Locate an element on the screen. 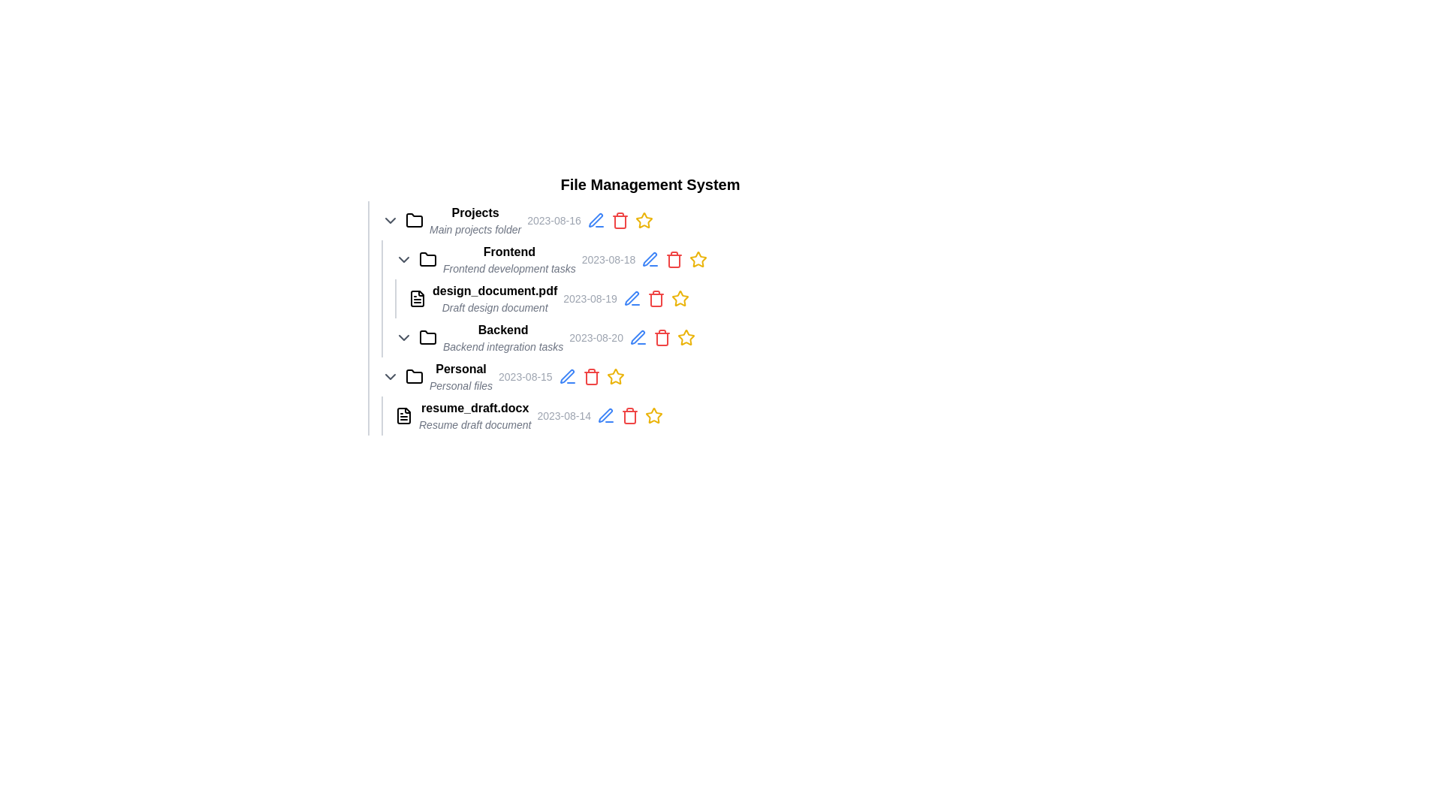 Image resolution: width=1442 pixels, height=811 pixels. the 'design_document.pdf' entry in the file management system is located at coordinates (650, 318).